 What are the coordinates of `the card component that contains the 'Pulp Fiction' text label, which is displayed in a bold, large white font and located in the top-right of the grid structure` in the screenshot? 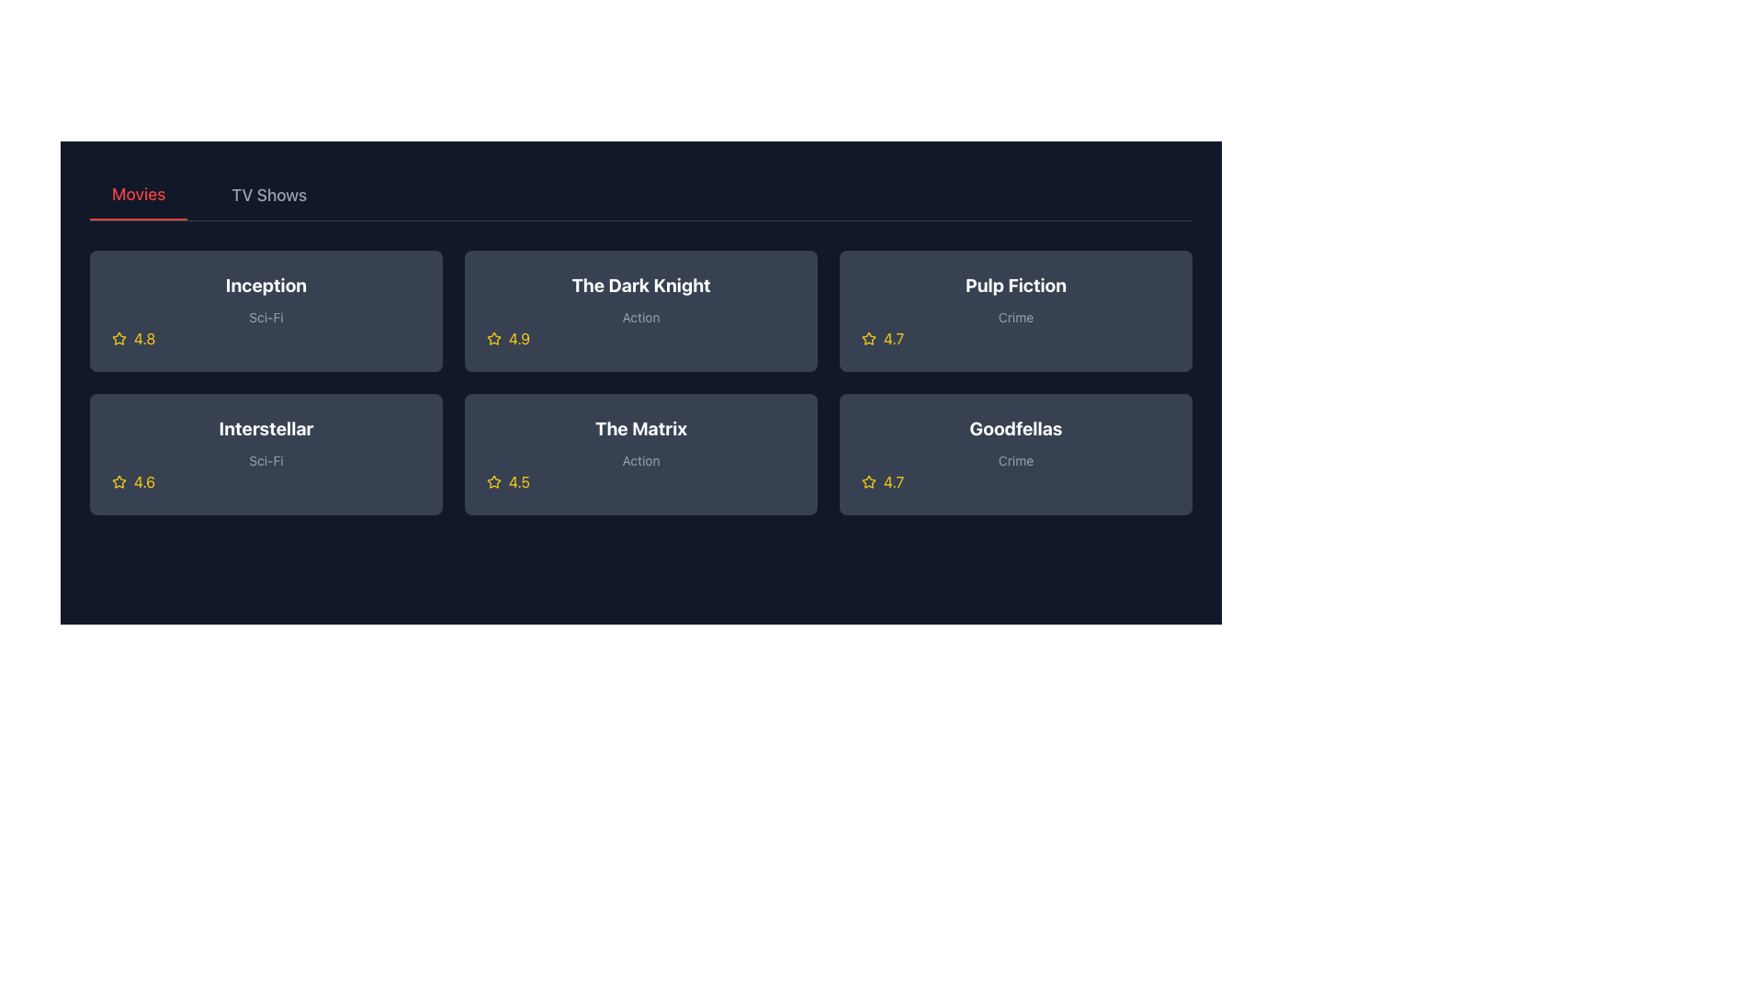 It's located at (1014, 286).